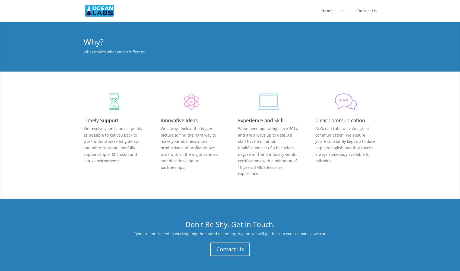 This screenshot has height=271, width=460. Describe the element at coordinates (189, 148) in the screenshot. I see `'We always look at the bigger picture to find the right way to make your business more productive and profitable. We work with all the major vendors and don’t have tie-in partnerships.'` at that location.